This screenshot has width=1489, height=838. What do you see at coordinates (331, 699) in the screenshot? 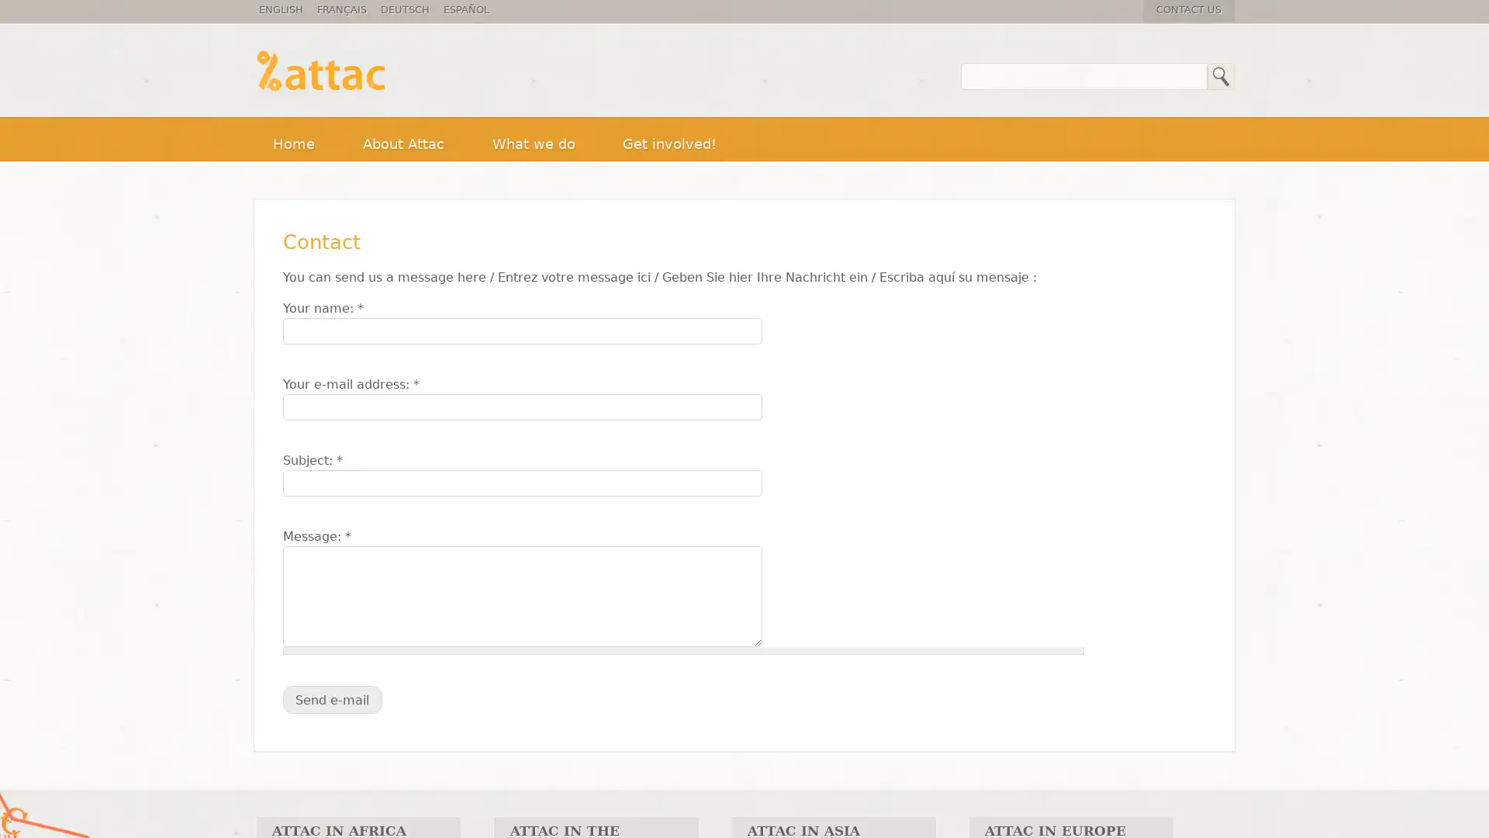
I see `Send e-mail` at bounding box center [331, 699].